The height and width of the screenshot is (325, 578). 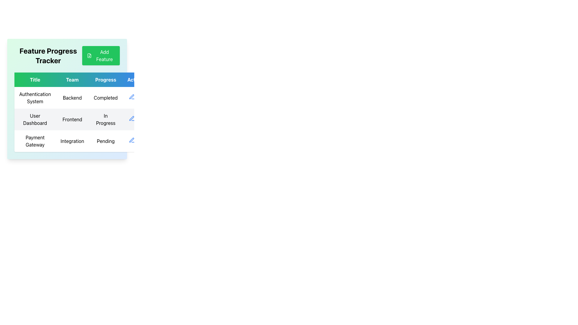 What do you see at coordinates (72, 141) in the screenshot?
I see `value displayed in the Text Label located in the third row, second column of the table under the 'Team' header` at bounding box center [72, 141].